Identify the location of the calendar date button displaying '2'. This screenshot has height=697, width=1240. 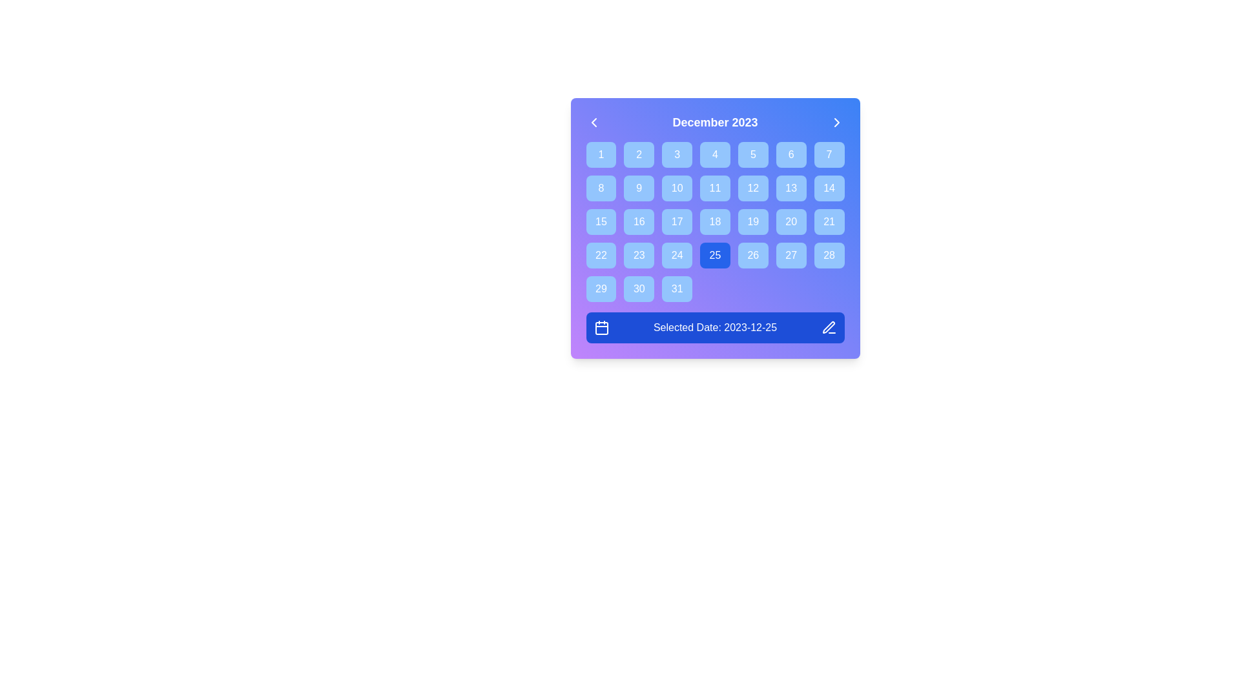
(639, 154).